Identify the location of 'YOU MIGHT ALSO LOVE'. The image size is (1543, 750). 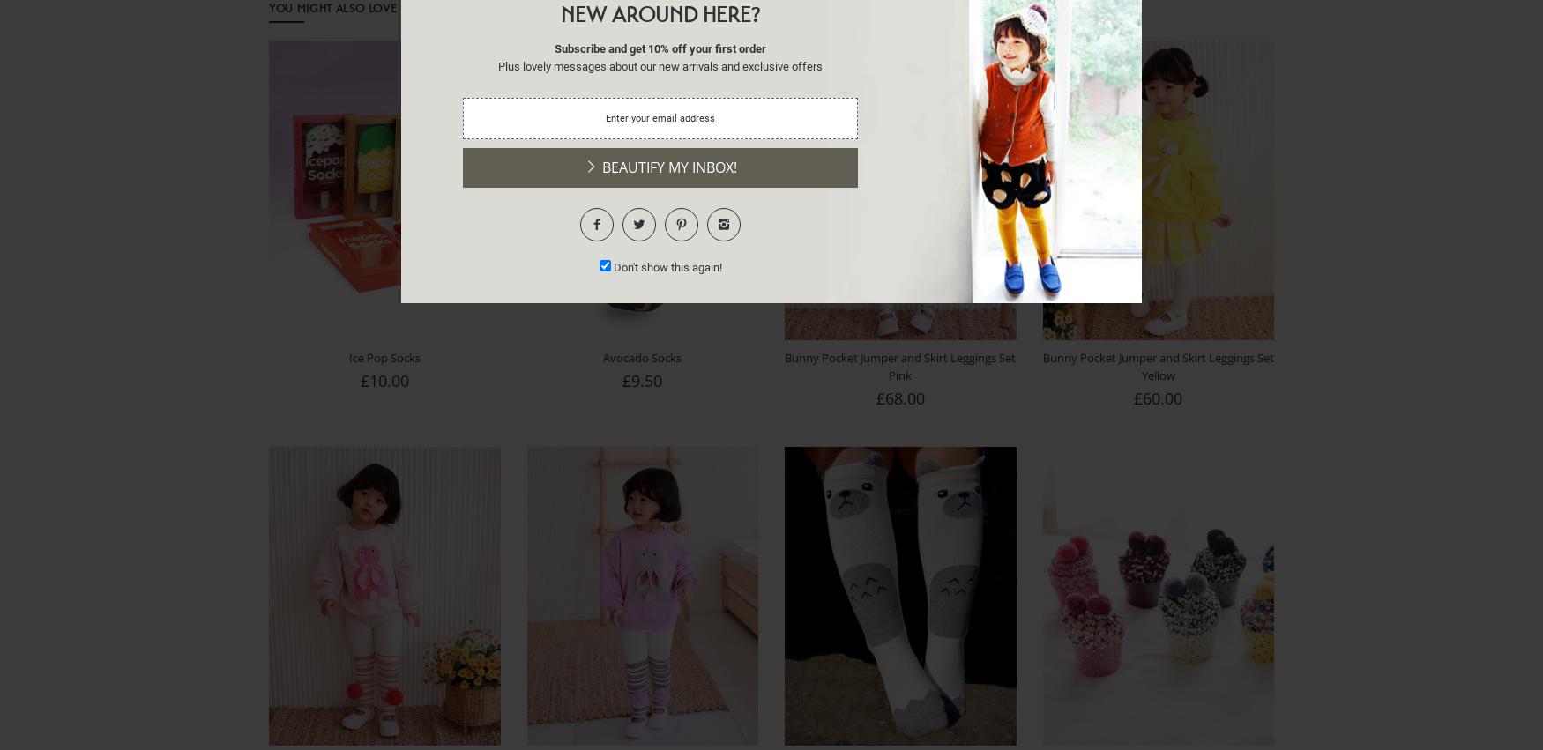
(268, 6).